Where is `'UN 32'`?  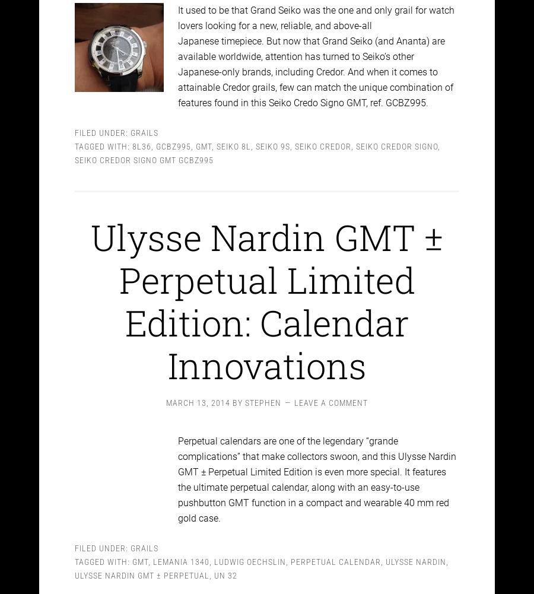 'UN 32' is located at coordinates (225, 564).